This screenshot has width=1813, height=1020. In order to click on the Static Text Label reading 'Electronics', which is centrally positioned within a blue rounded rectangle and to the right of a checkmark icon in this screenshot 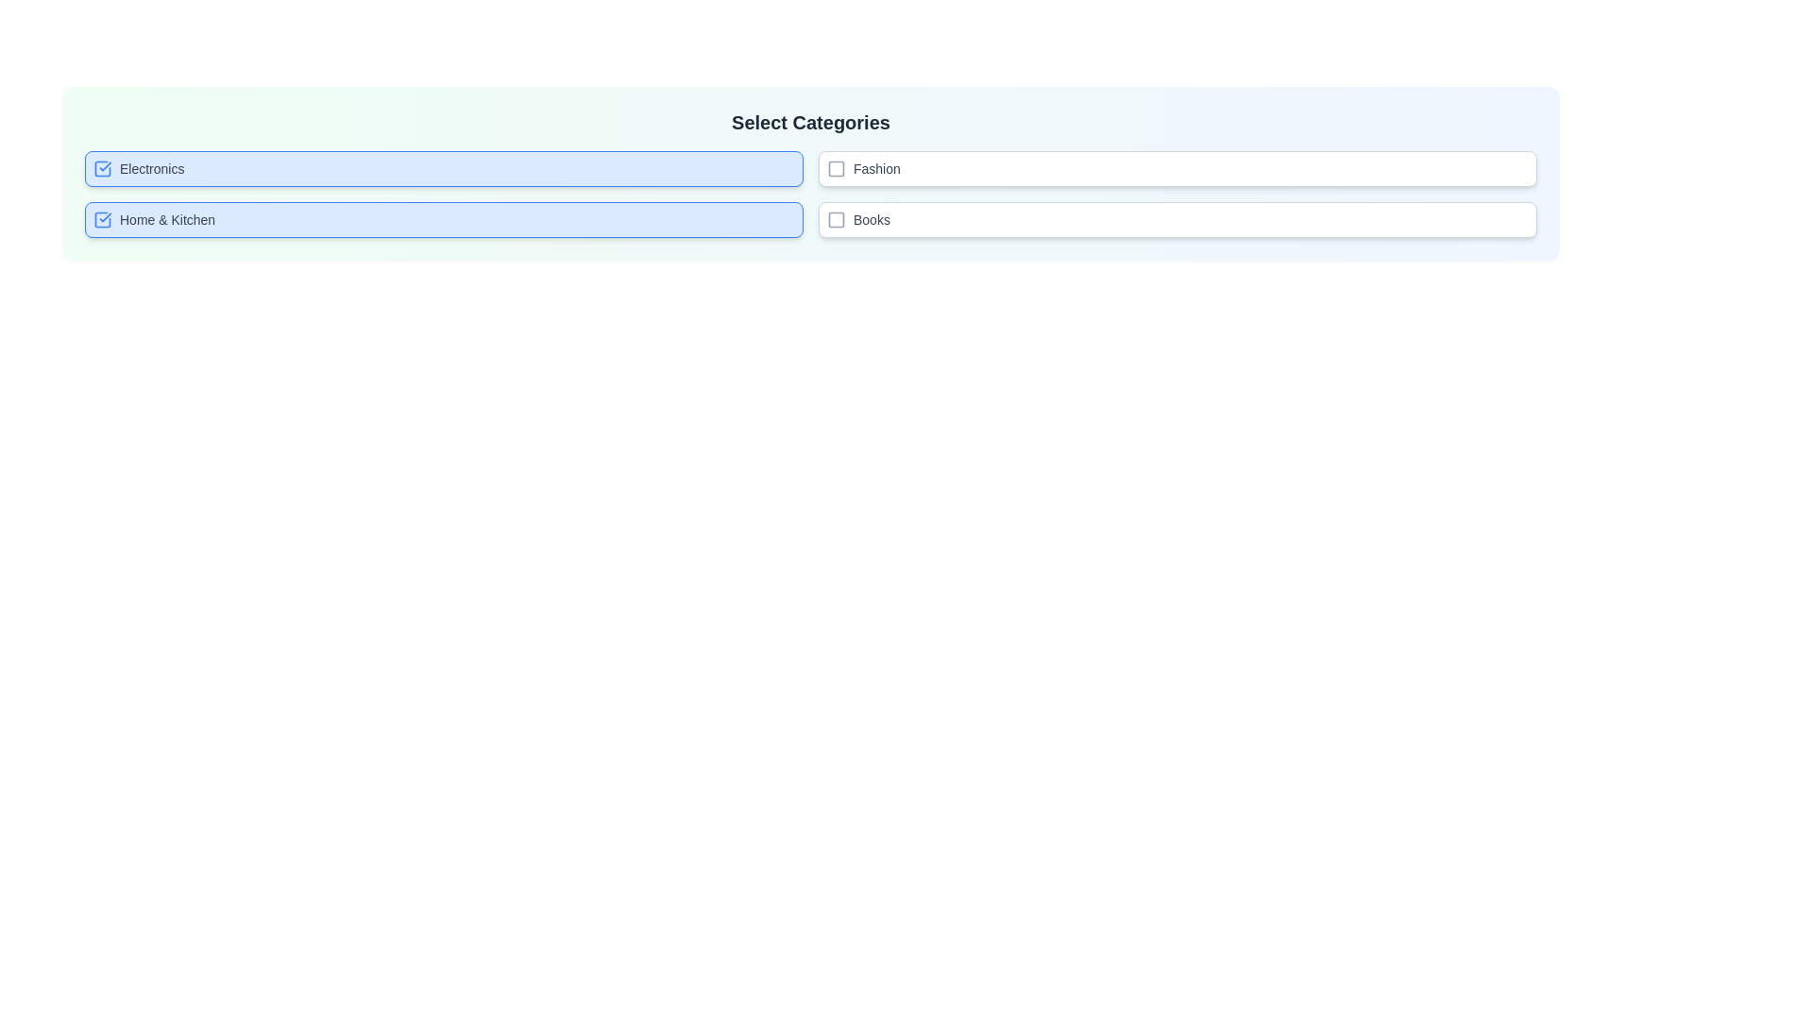, I will do `click(152, 167)`.